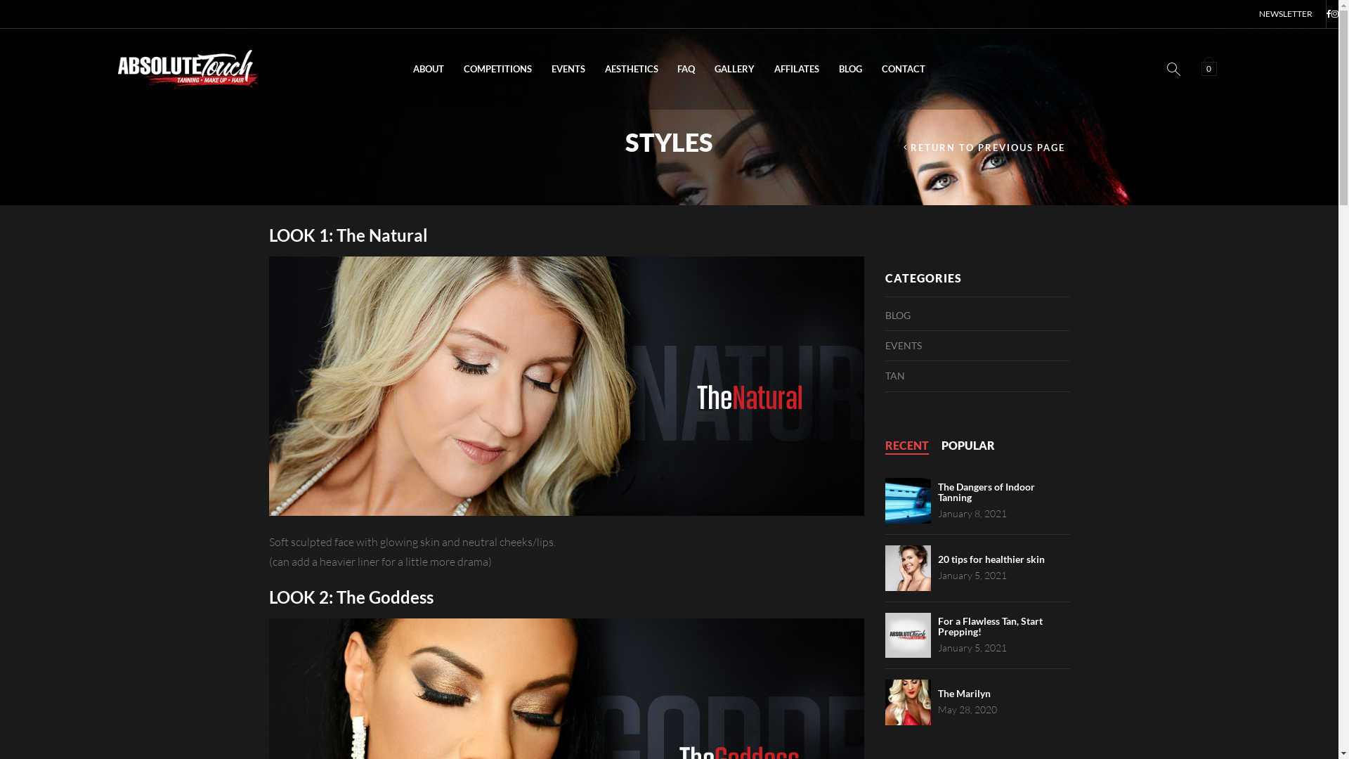 The height and width of the screenshot is (759, 1349). Describe the element at coordinates (497, 69) in the screenshot. I see `'COMPETITIONS'` at that location.